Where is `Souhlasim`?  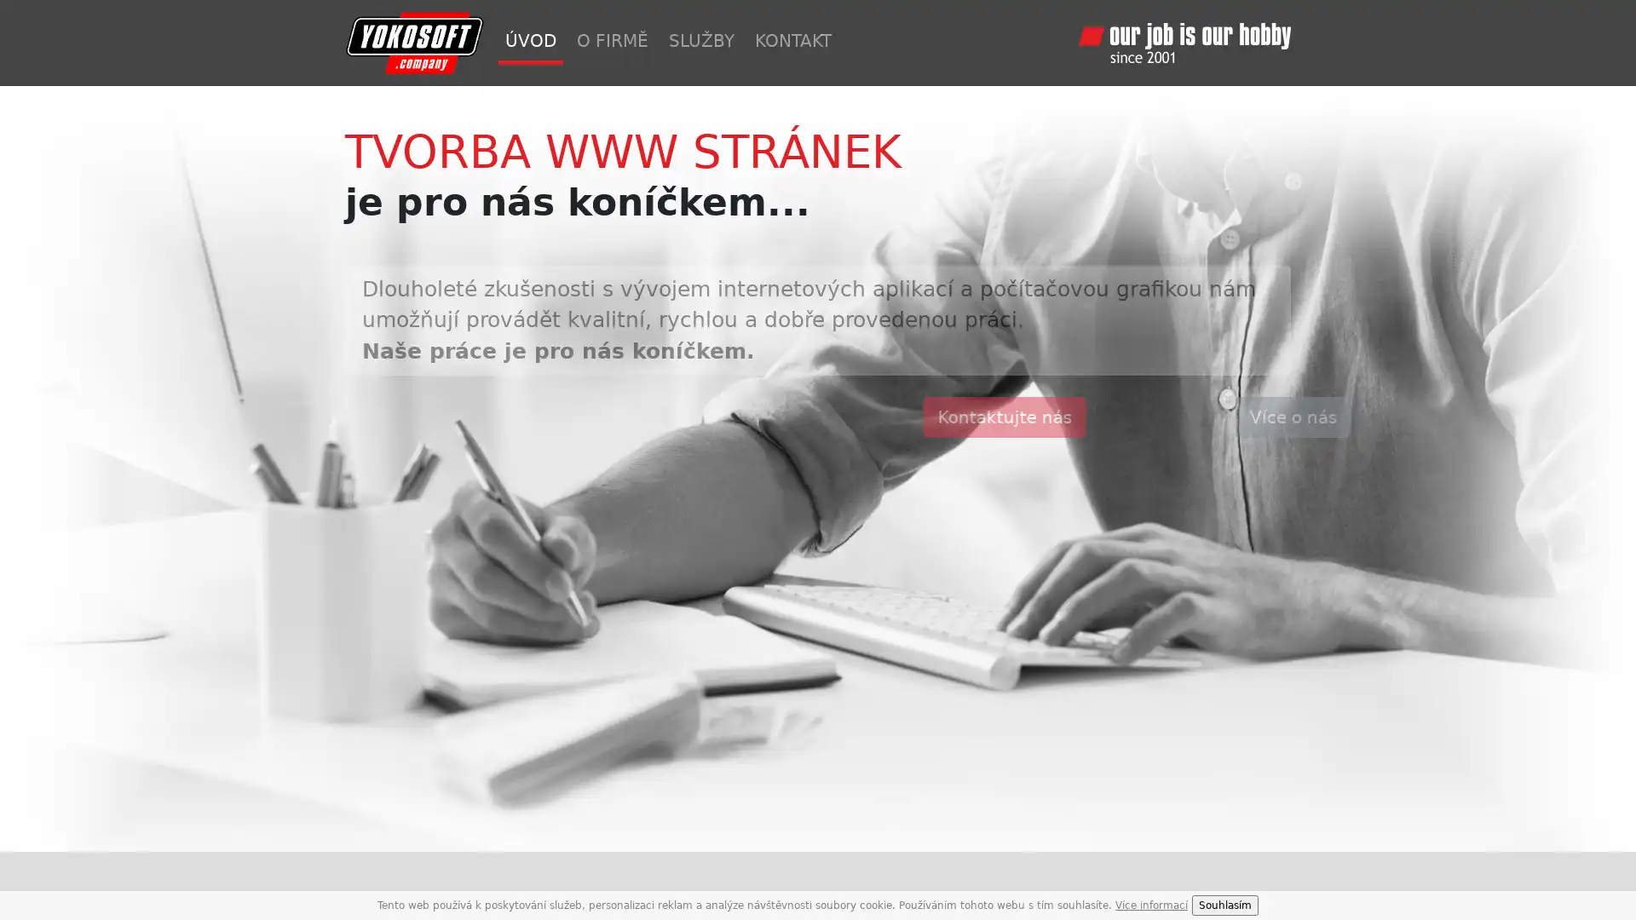 Souhlasim is located at coordinates (1224, 905).